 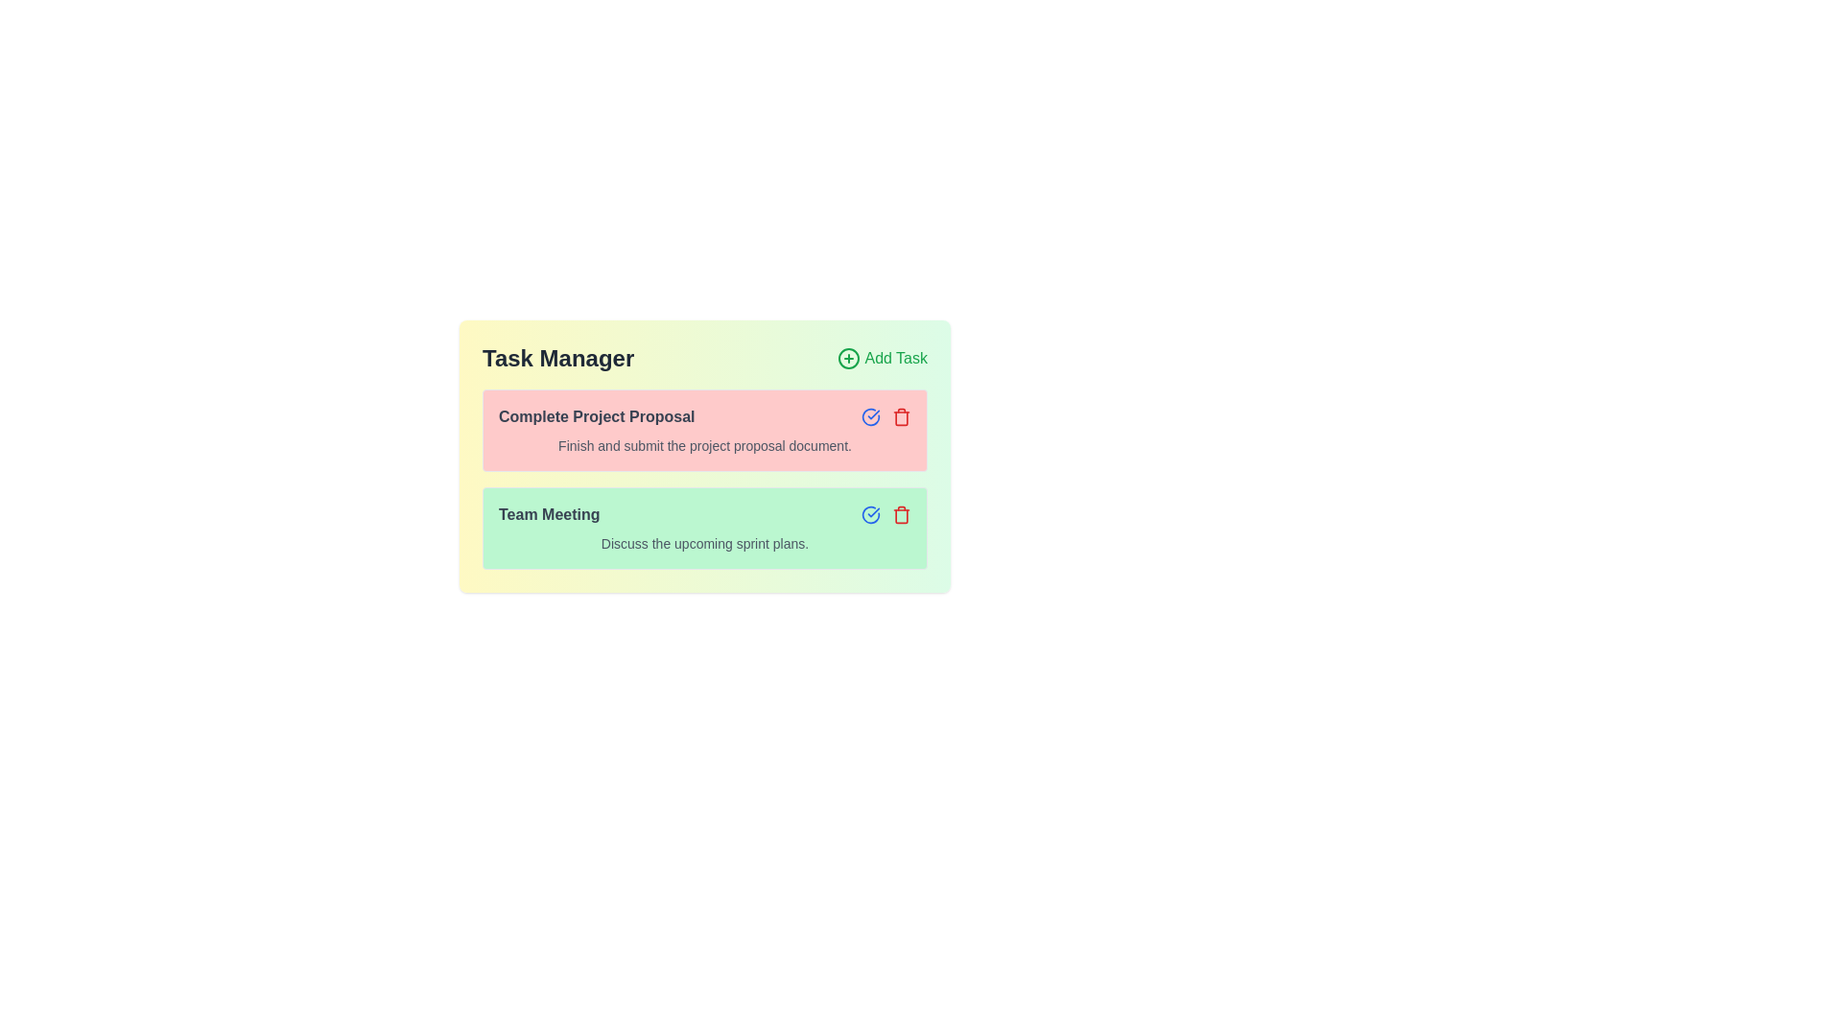 I want to click on the icon group for the task 'Complete Project Proposal', so click(x=886, y=416).